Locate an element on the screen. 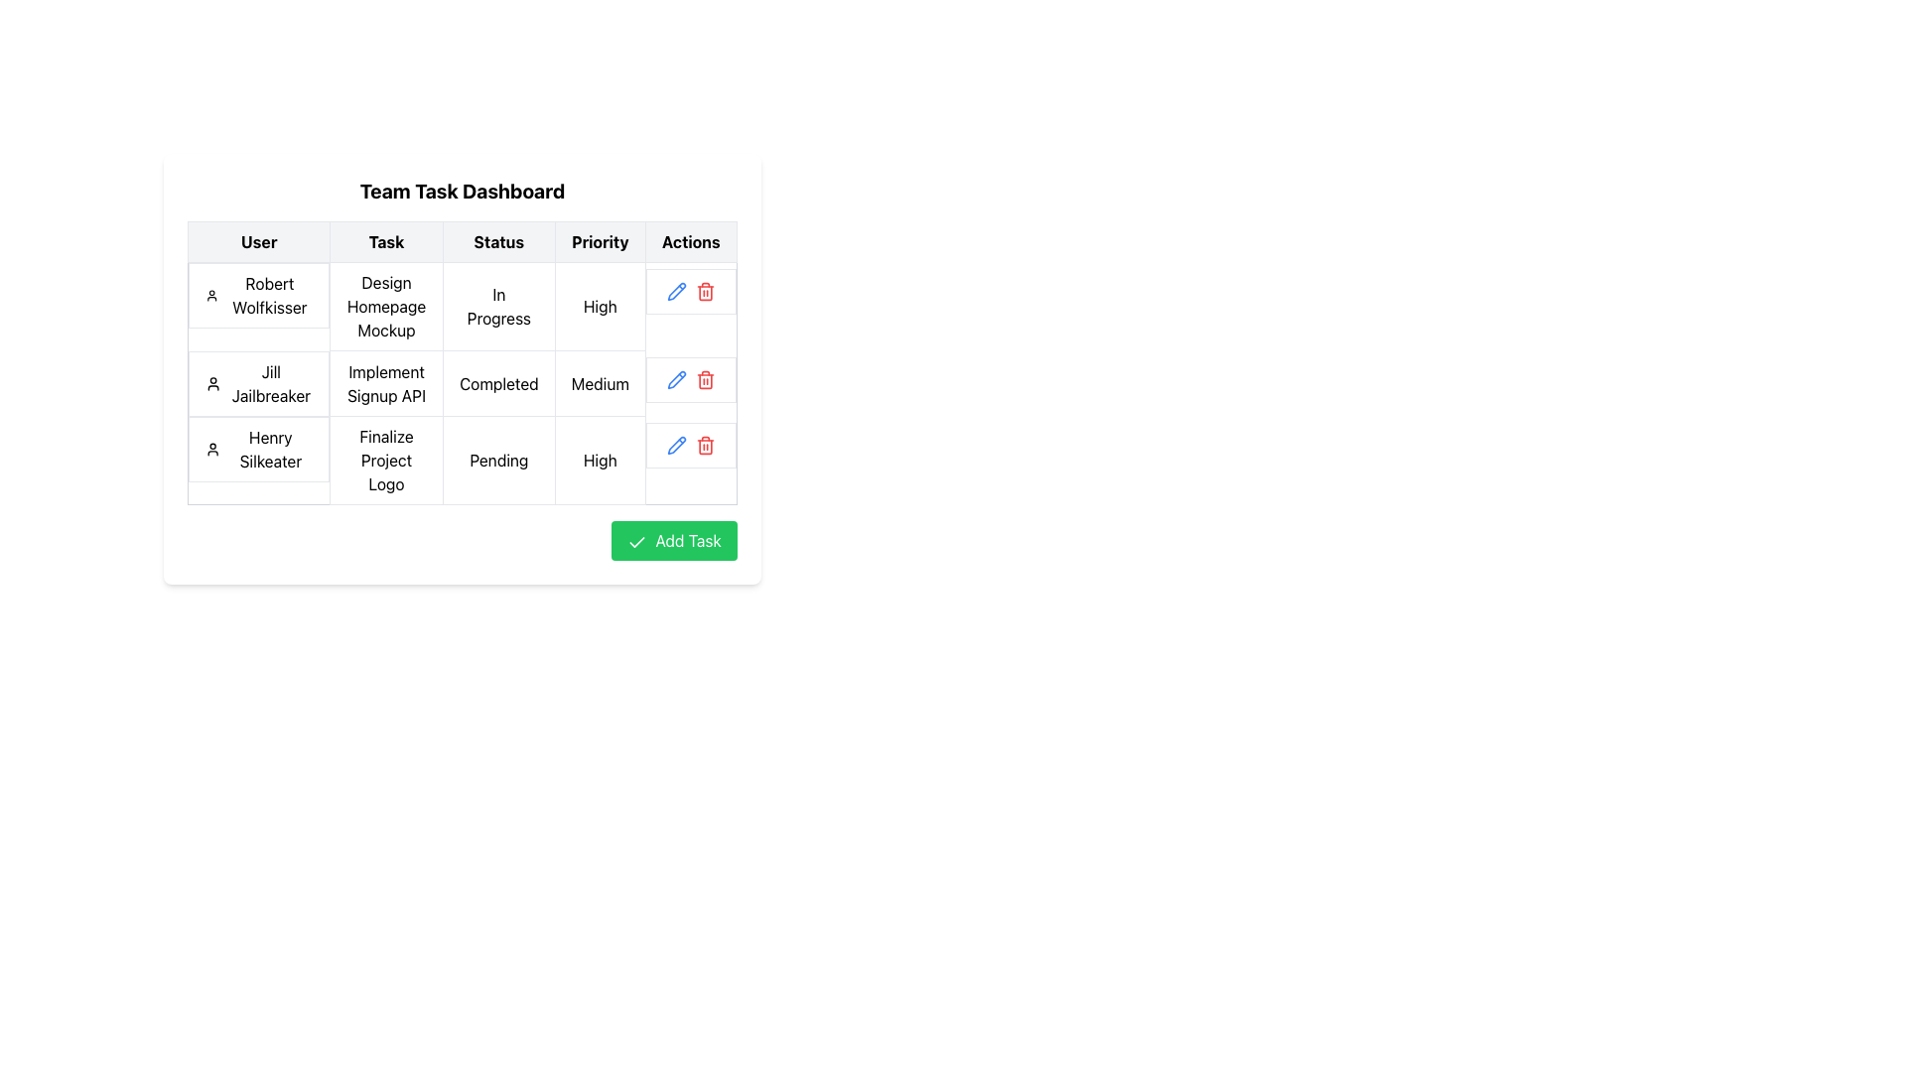 This screenshot has width=1906, height=1072. the text label displaying 'Pending' in the 'Status' column for the user 'Henry Silkeater' and task 'Finalize Project Logo' is located at coordinates (498, 460).